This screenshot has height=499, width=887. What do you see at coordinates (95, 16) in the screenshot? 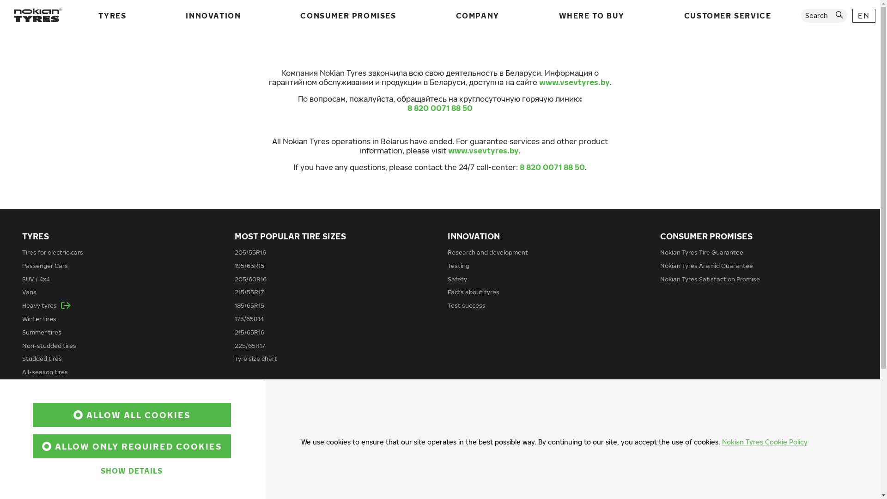
I see `'TYRES'` at bounding box center [95, 16].